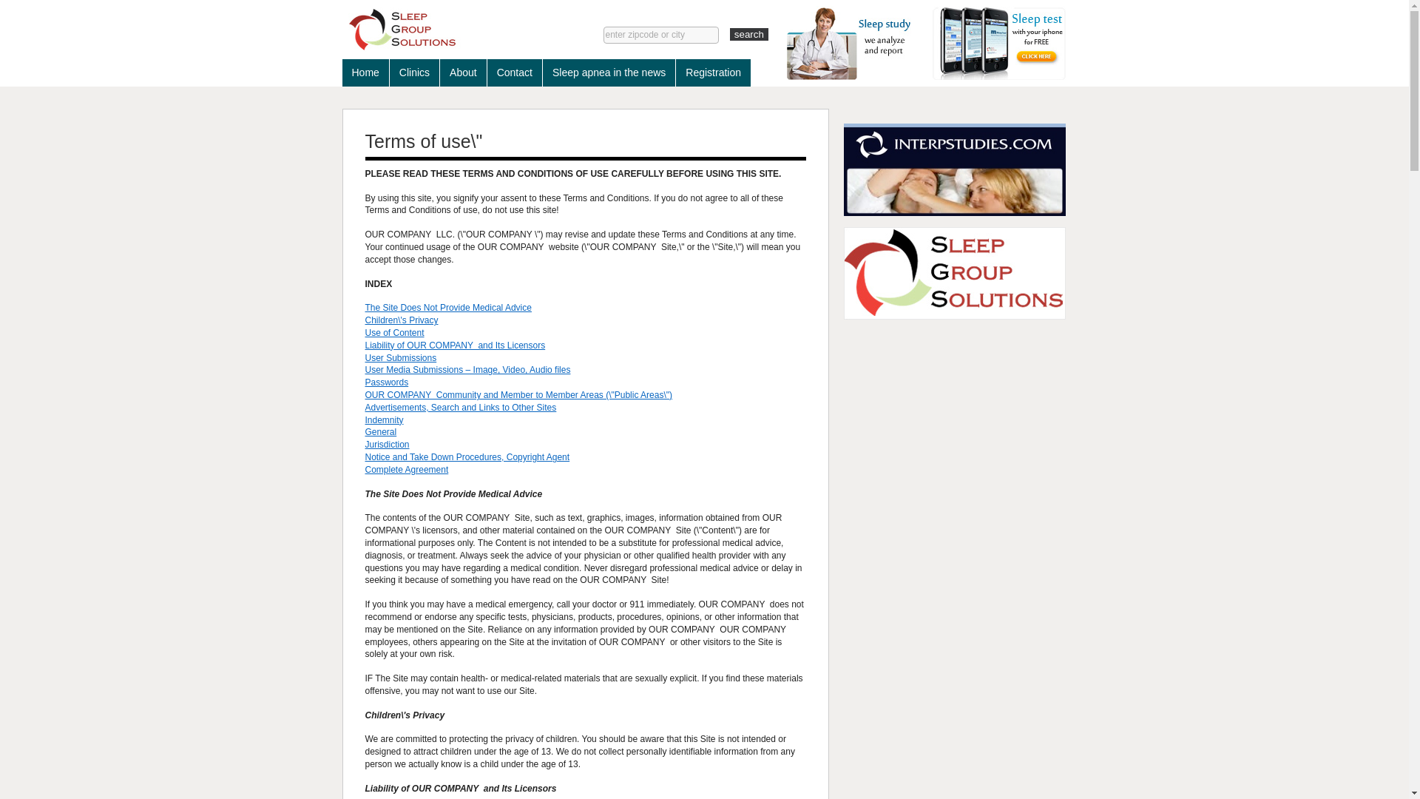  What do you see at coordinates (460, 408) in the screenshot?
I see `'Advertisements, Search and Links to Other Sites'` at bounding box center [460, 408].